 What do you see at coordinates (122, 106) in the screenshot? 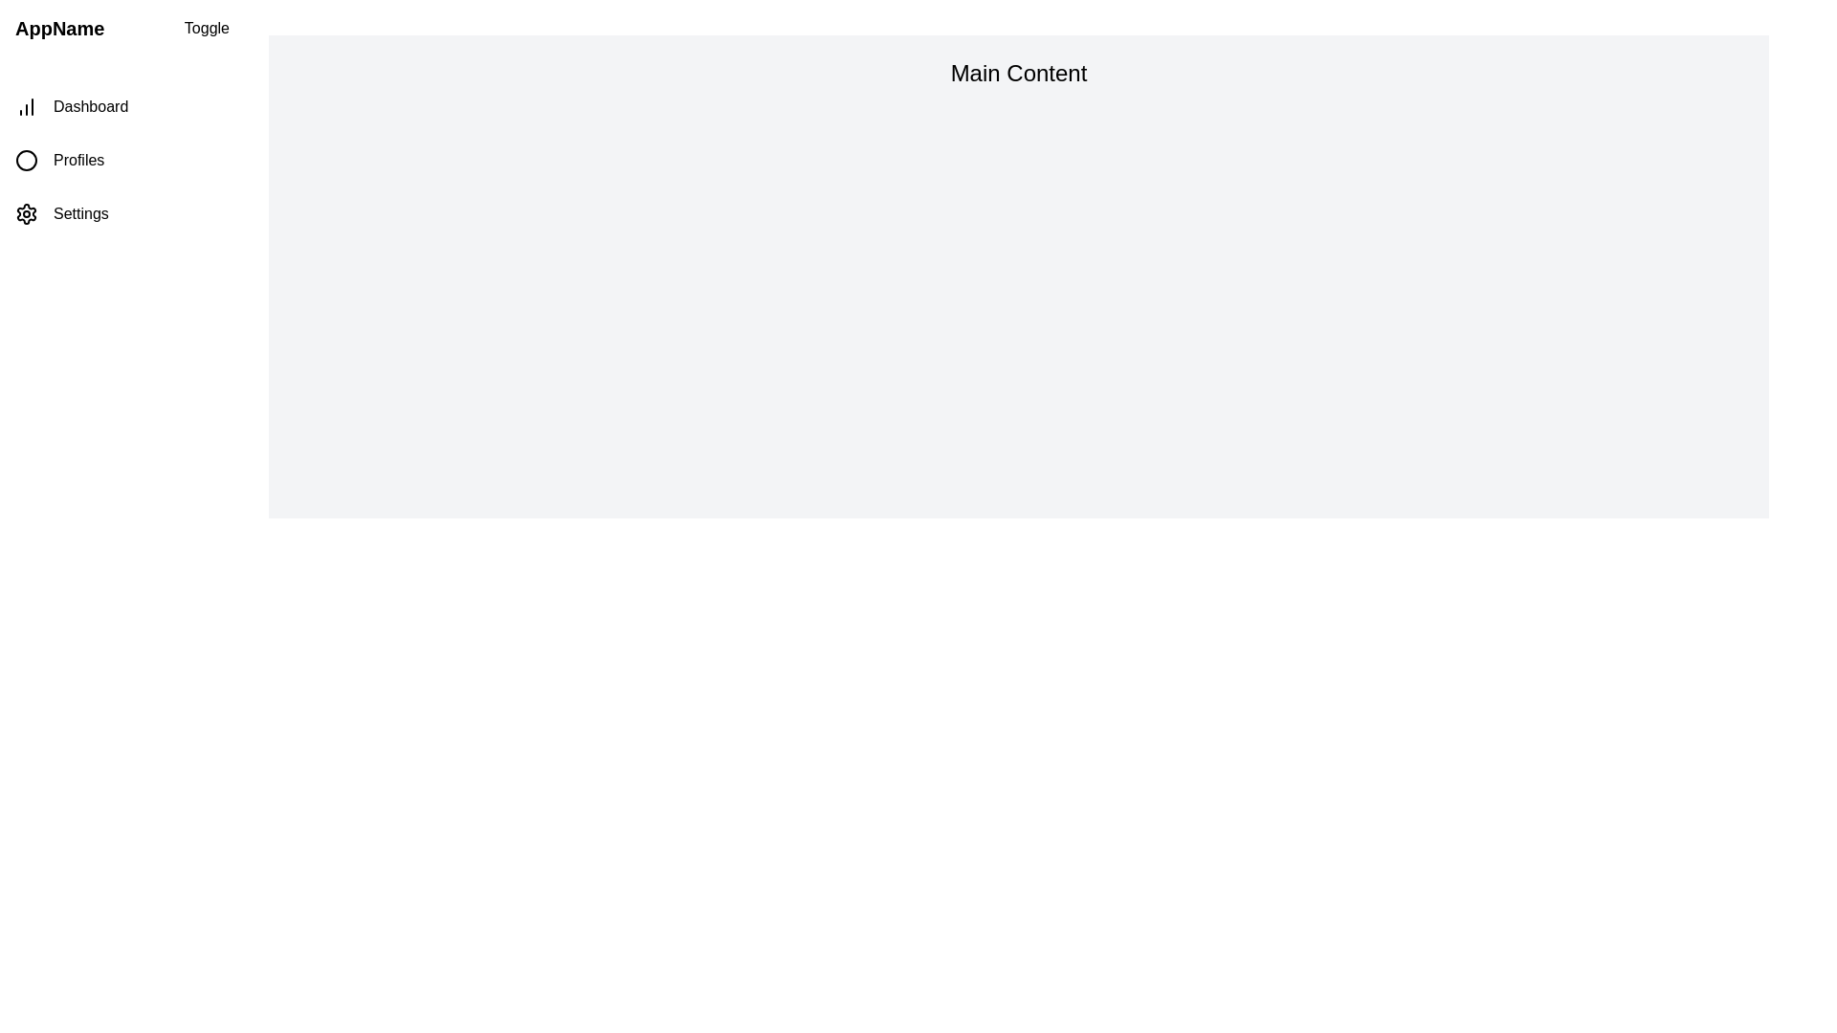
I see `the navigation item Dashboard in the drawer` at bounding box center [122, 106].